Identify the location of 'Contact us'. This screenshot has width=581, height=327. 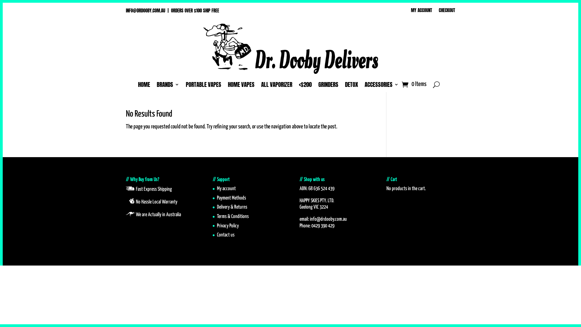
(225, 235).